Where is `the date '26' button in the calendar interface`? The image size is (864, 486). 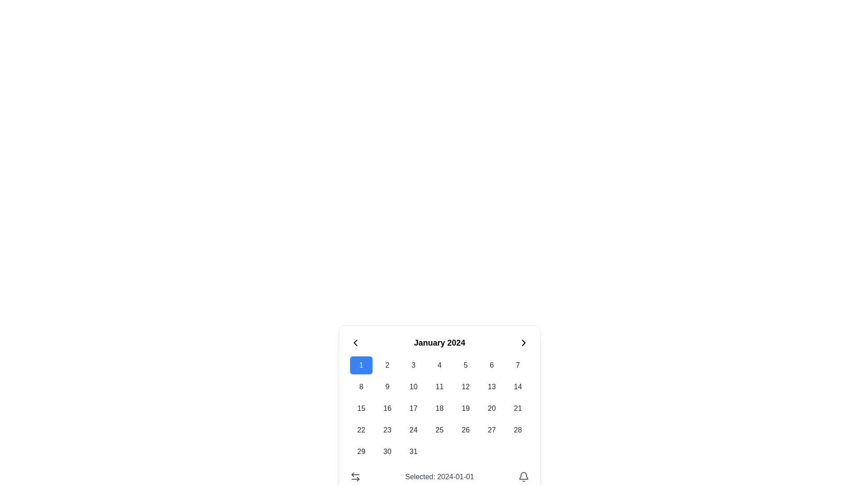 the date '26' button in the calendar interface is located at coordinates (466, 430).